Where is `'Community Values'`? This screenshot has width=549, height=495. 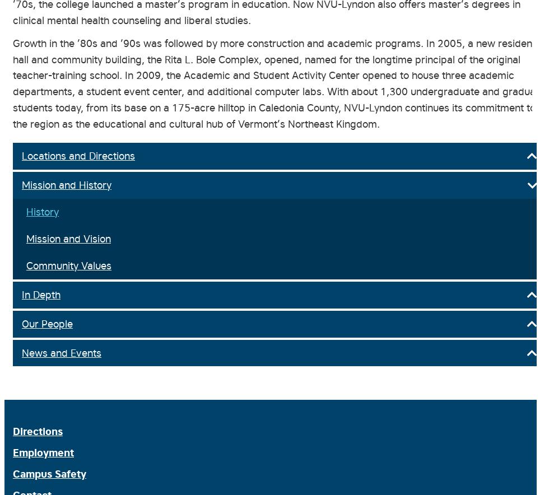 'Community Values' is located at coordinates (68, 265).